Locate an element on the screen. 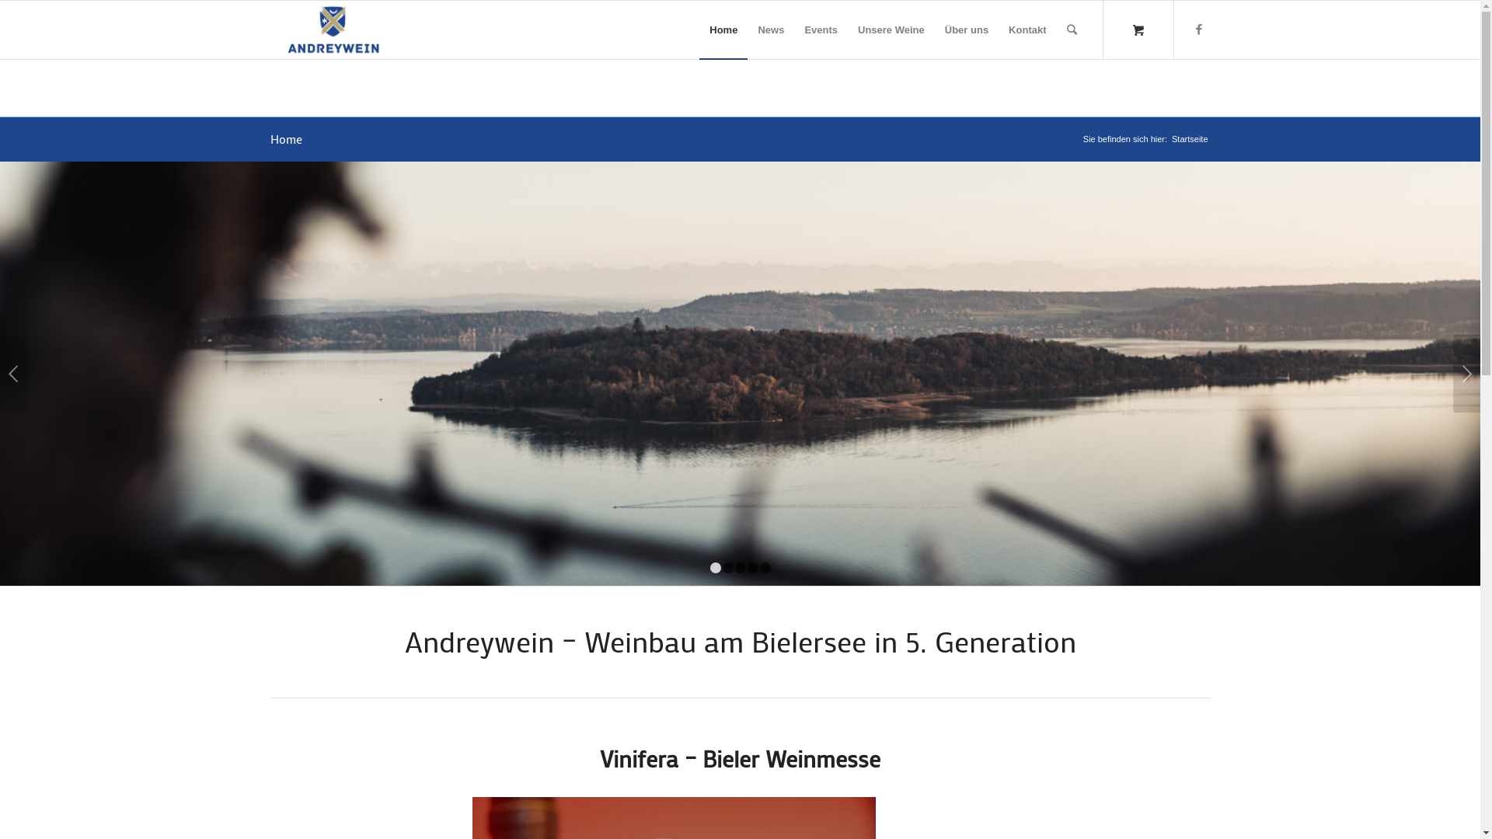 This screenshot has width=1492, height=839. 'Events' is located at coordinates (794, 30).